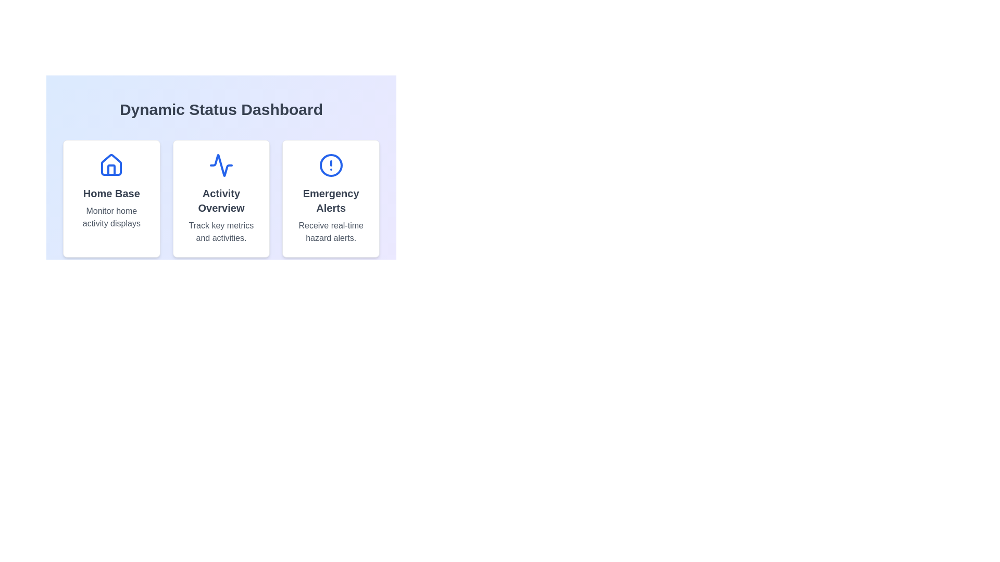 This screenshot has width=1000, height=562. What do you see at coordinates (220, 198) in the screenshot?
I see `the 'Activity Overview' card, which has a white background, rounded corners, and a blue waveform icon at the top` at bounding box center [220, 198].